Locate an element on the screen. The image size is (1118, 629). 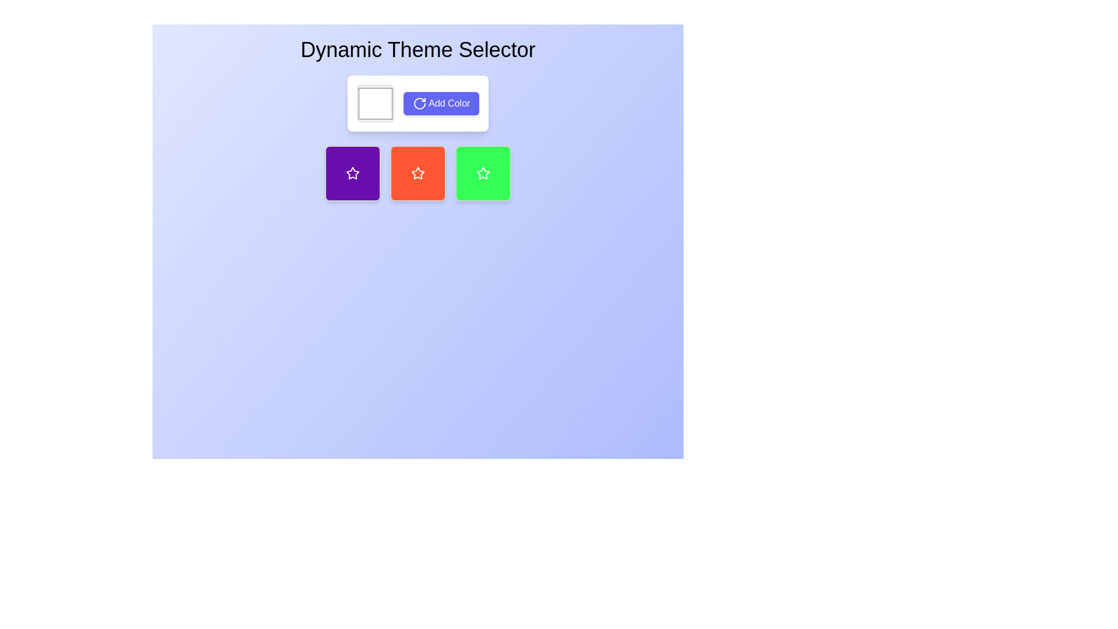
the left part of the refresh icon located within the blue 'Add Color' button in the upper right corner of the white rectangular section is located at coordinates (419, 103).